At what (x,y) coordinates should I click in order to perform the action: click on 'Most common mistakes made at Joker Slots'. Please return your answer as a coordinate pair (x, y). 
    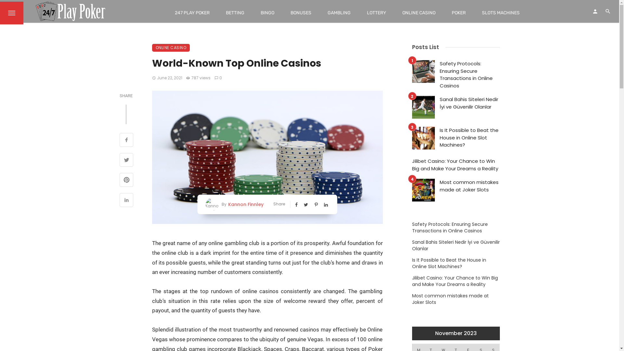
    Looking at the image, I should click on (439, 186).